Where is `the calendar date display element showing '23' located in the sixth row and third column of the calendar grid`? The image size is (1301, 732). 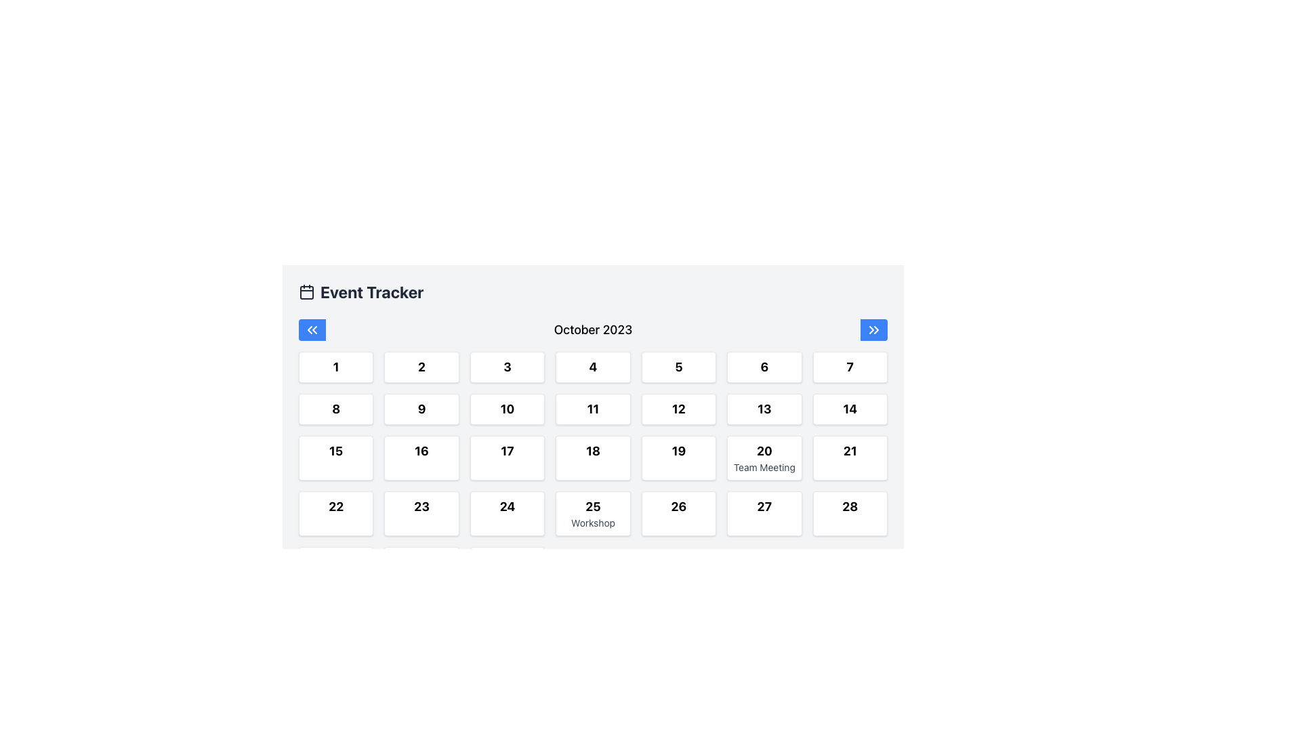
the calendar date display element showing '23' located in the sixth row and third column of the calendar grid is located at coordinates (421, 514).